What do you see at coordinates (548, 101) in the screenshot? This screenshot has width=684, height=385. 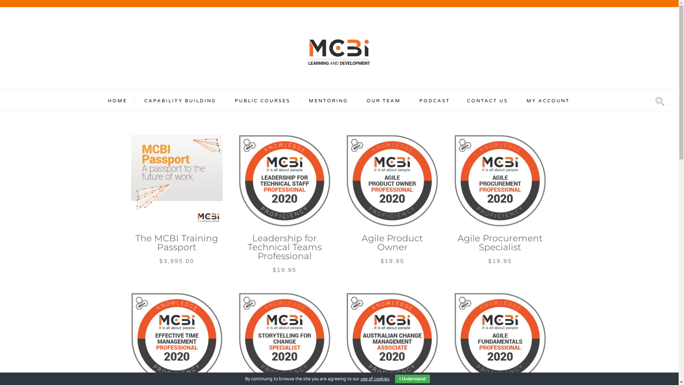 I see `'MY ACCOUNT'` at bounding box center [548, 101].